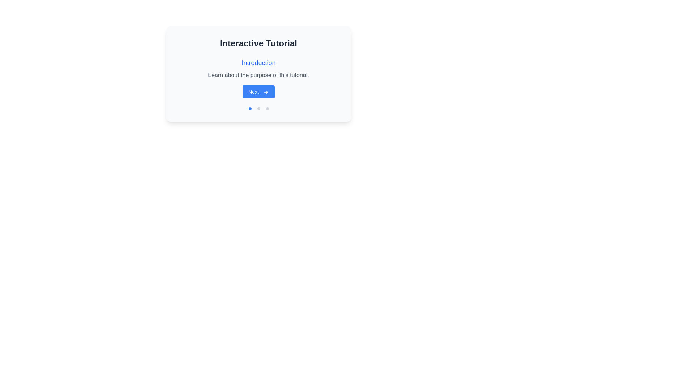 This screenshot has height=391, width=695. What do you see at coordinates (258, 78) in the screenshot?
I see `the 'Next' button located at the bottom of the tutorial section to observe hover effects` at bounding box center [258, 78].